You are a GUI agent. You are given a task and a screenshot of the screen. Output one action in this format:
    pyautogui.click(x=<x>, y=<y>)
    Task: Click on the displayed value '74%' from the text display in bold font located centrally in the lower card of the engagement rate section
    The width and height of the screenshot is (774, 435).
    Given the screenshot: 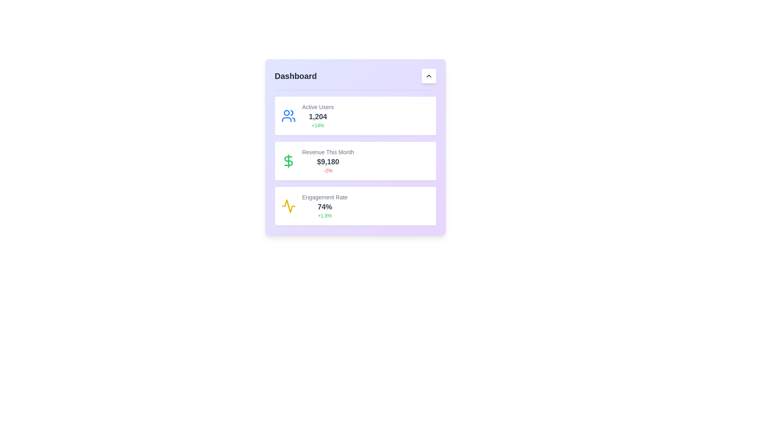 What is the action you would take?
    pyautogui.click(x=325, y=206)
    